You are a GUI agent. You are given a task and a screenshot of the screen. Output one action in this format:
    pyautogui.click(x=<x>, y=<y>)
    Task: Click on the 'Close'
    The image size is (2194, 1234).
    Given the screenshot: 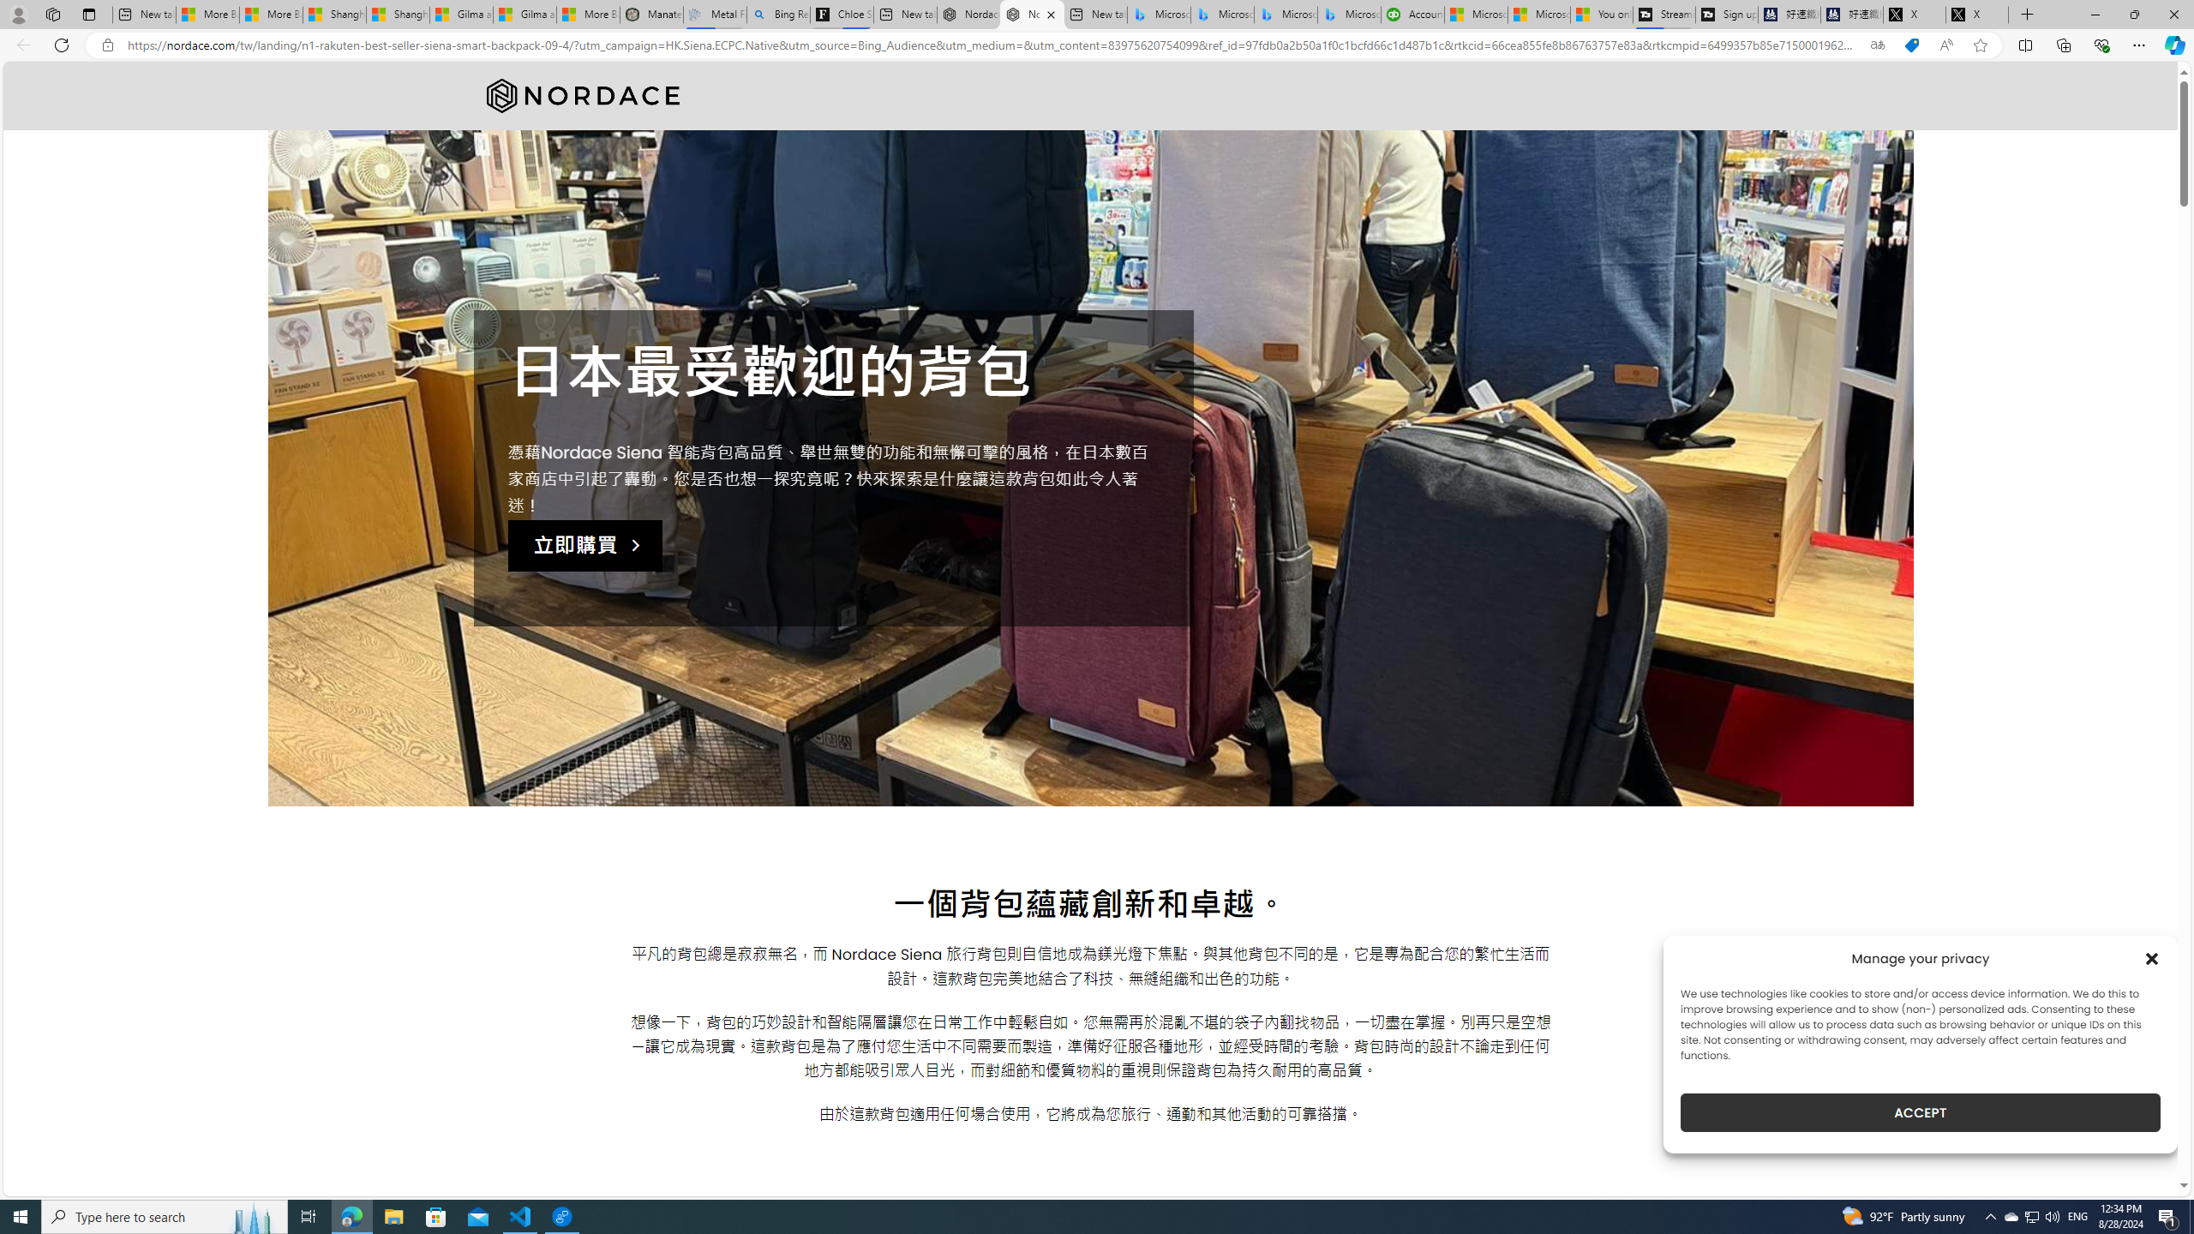 What is the action you would take?
    pyautogui.click(x=2173, y=14)
    